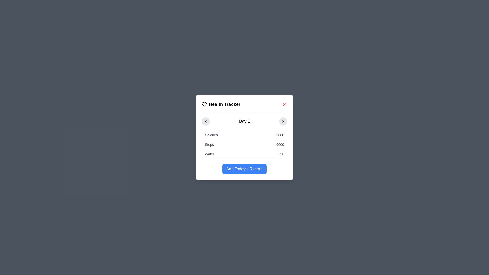 This screenshot has height=275, width=489. I want to click on the button located at the bottom center of a white rounded card layout, which allows the user, so click(244, 169).